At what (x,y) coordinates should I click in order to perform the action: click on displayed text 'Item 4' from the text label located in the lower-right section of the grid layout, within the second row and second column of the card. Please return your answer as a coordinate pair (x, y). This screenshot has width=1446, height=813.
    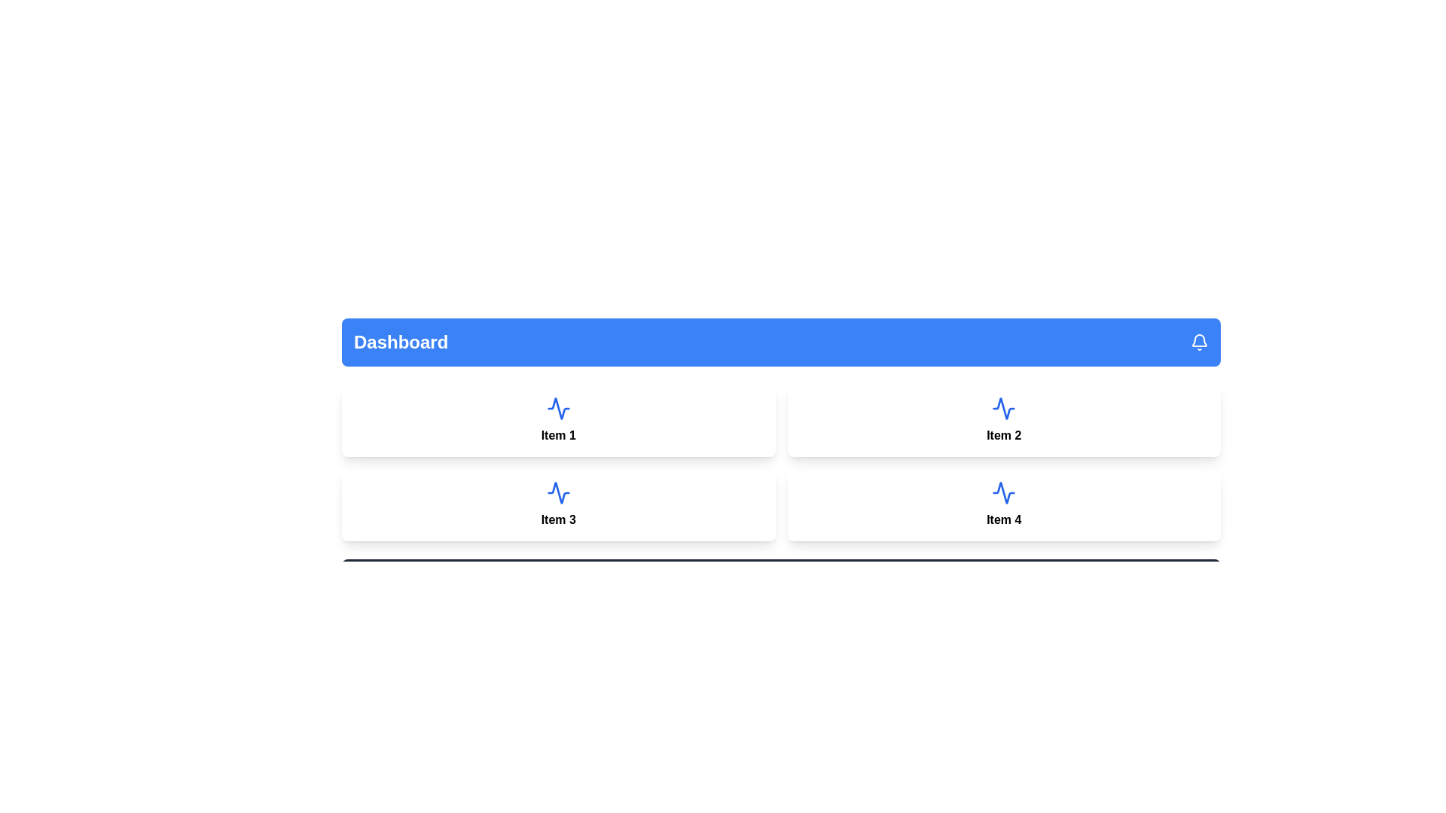
    Looking at the image, I should click on (1004, 519).